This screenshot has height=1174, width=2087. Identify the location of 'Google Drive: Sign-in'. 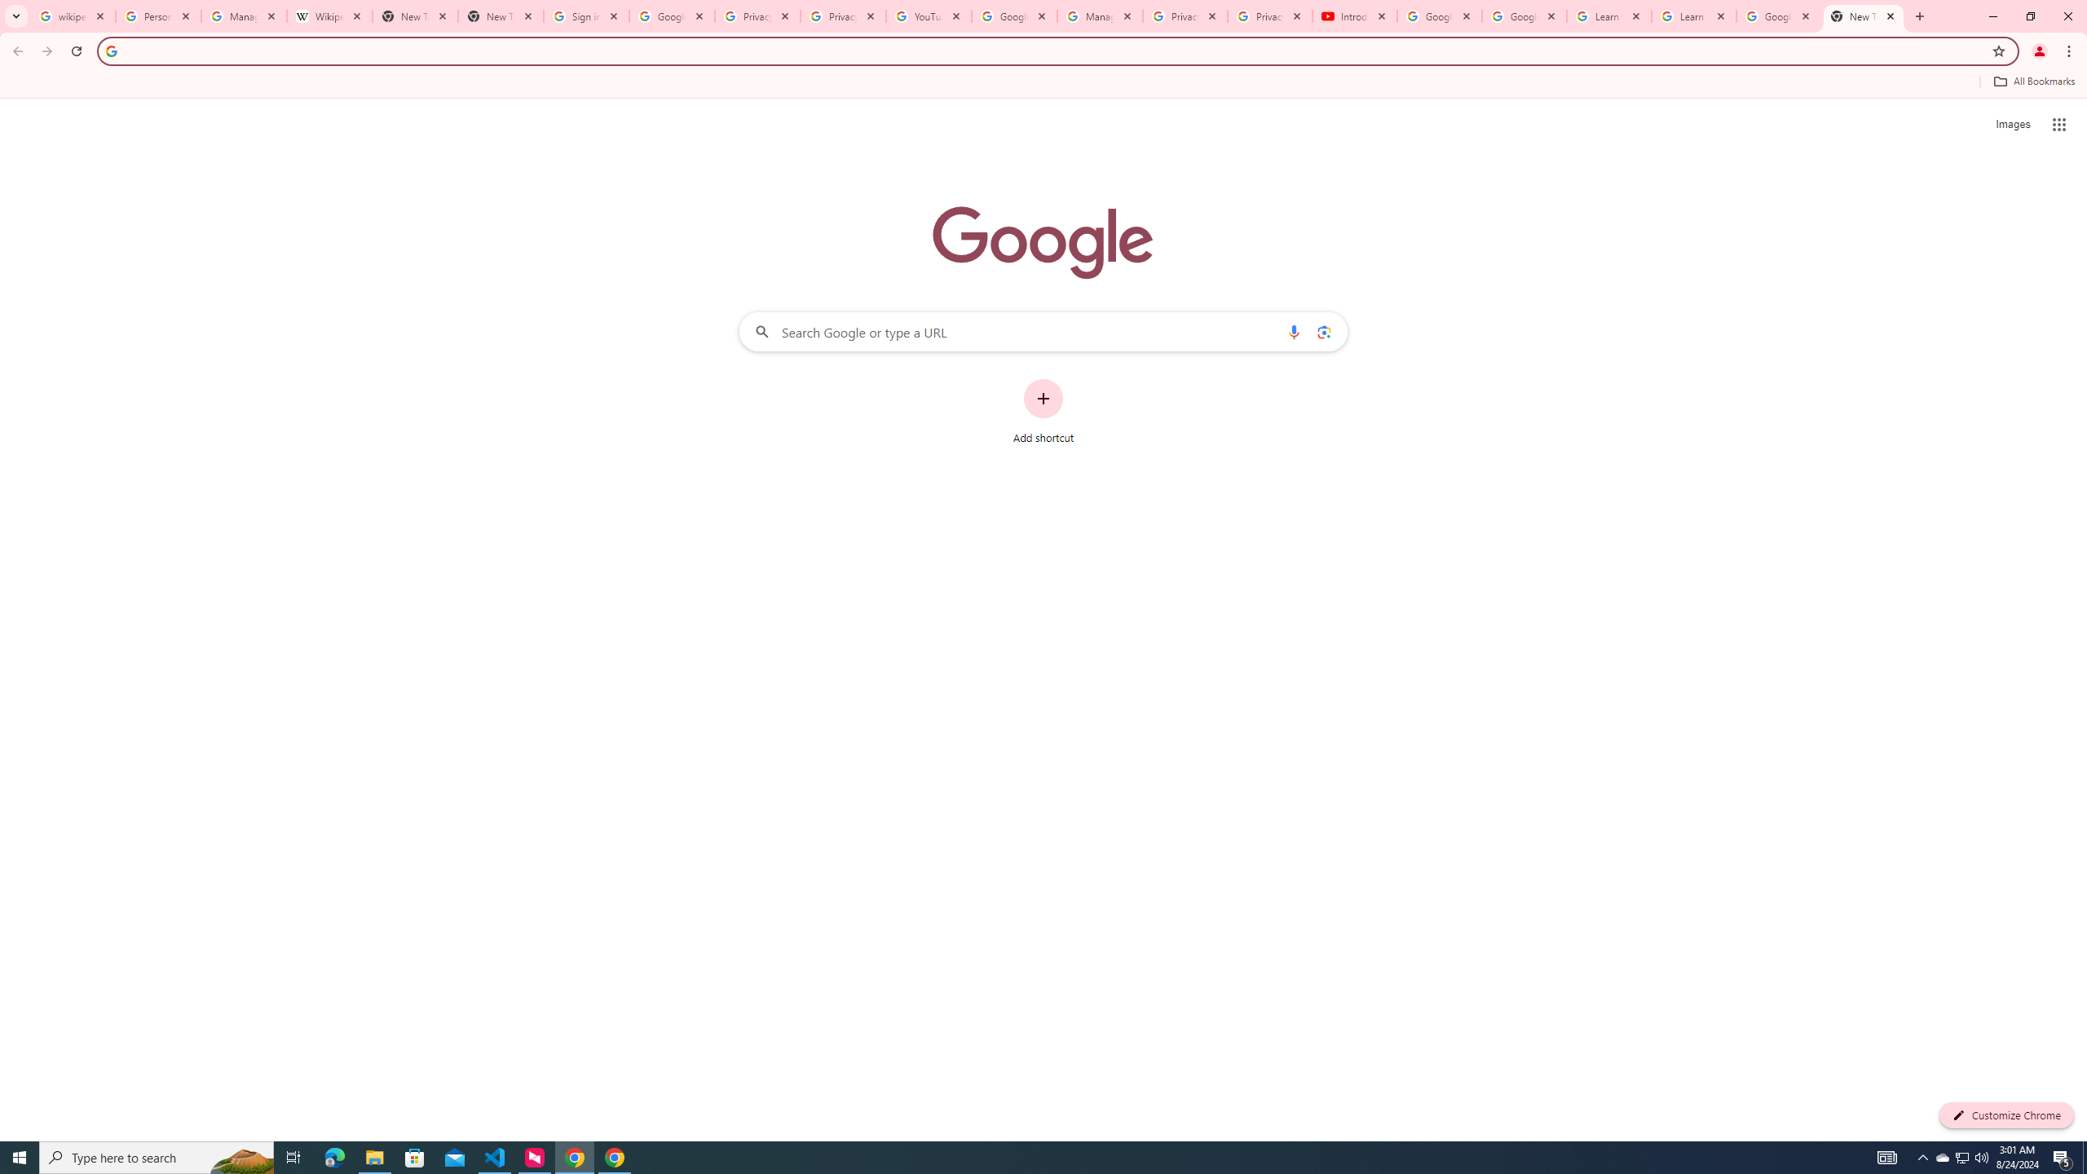
(671, 15).